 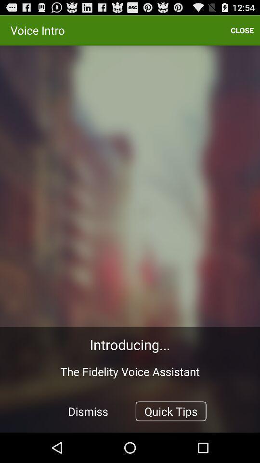 What do you see at coordinates (242, 30) in the screenshot?
I see `close` at bounding box center [242, 30].